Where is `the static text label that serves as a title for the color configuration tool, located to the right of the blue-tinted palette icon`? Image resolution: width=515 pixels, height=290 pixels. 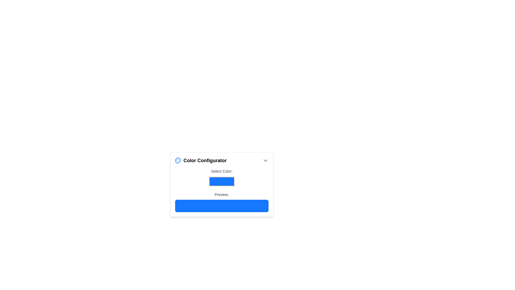 the static text label that serves as a title for the color configuration tool, located to the right of the blue-tinted palette icon is located at coordinates (205, 160).